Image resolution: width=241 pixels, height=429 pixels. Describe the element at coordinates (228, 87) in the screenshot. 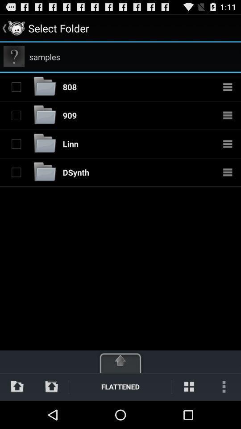

I see `see what 's in this folder` at that location.